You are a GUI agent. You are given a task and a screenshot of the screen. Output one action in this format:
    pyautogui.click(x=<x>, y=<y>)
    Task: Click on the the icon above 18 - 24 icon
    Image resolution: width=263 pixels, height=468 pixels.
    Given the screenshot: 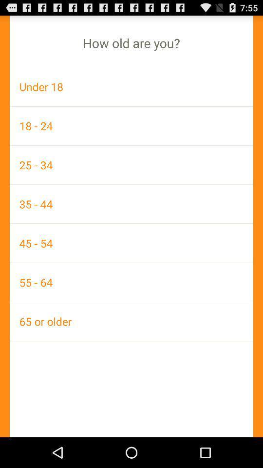 What is the action you would take?
    pyautogui.click(x=131, y=86)
    